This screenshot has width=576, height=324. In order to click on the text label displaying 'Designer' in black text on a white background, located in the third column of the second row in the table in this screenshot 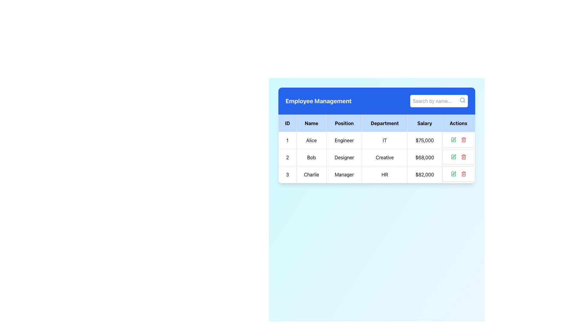, I will do `click(344, 157)`.